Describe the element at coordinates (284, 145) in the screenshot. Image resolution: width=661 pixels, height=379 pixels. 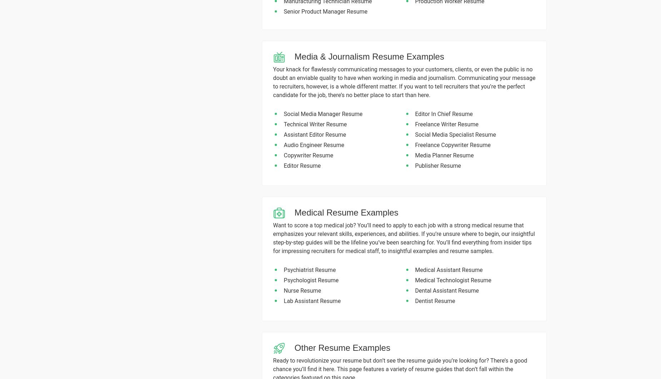
I see `'Audio Engineer Resume'` at that location.